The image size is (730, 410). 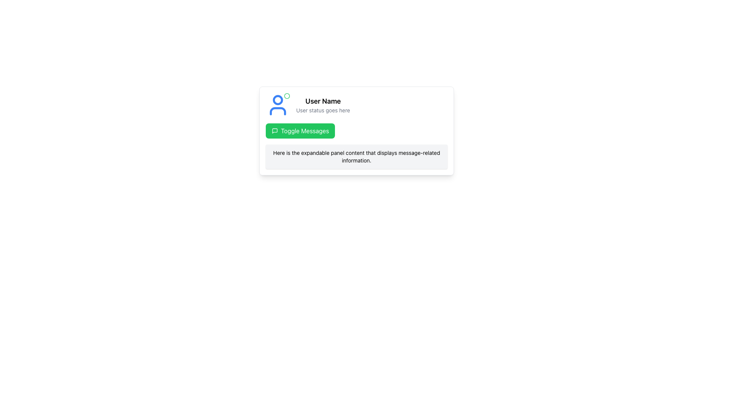 What do you see at coordinates (356, 105) in the screenshot?
I see `the Profile Display Component which features a blue circular avatar, a green circle at the top-right, and displays 'User Name' in bold black font with 'User status goes here' below it` at bounding box center [356, 105].